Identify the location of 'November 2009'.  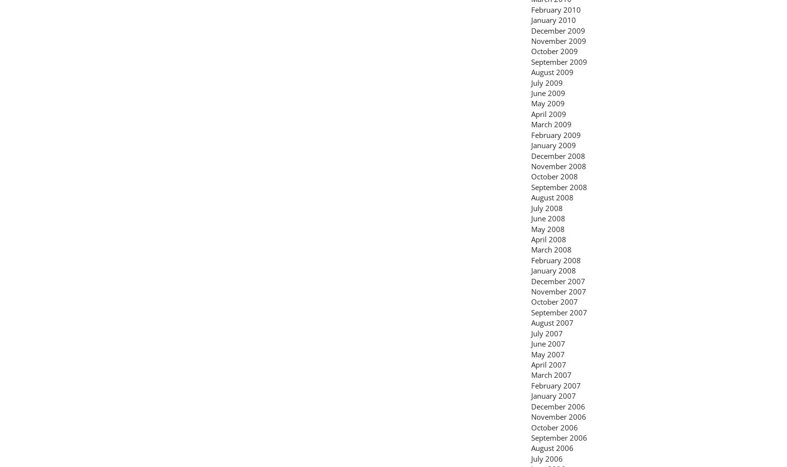
(558, 40).